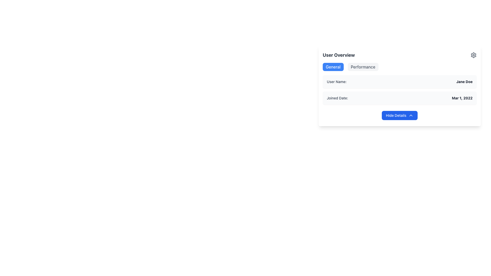 This screenshot has width=491, height=276. What do you see at coordinates (337, 98) in the screenshot?
I see `the 'Joined Date:' text label, which is a small gray font displayed on a light background in the lower right section of the user details card` at bounding box center [337, 98].